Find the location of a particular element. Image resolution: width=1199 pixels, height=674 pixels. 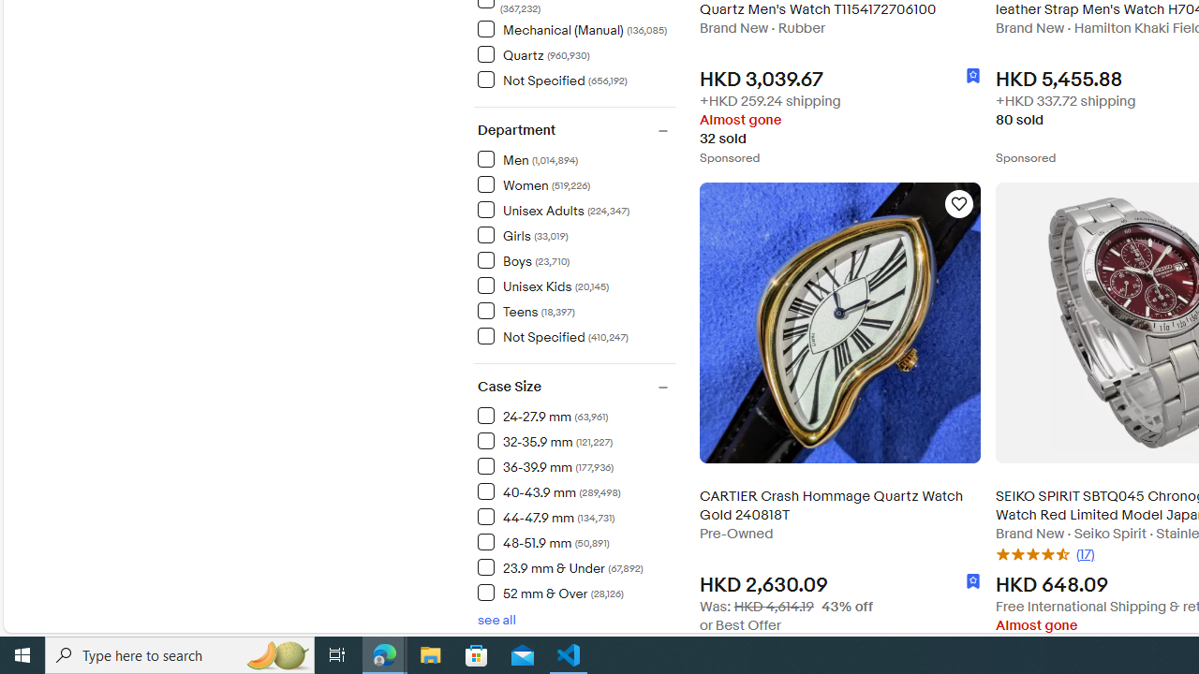

'48-51.9 mm (50,891) Items' is located at coordinates (542, 542).